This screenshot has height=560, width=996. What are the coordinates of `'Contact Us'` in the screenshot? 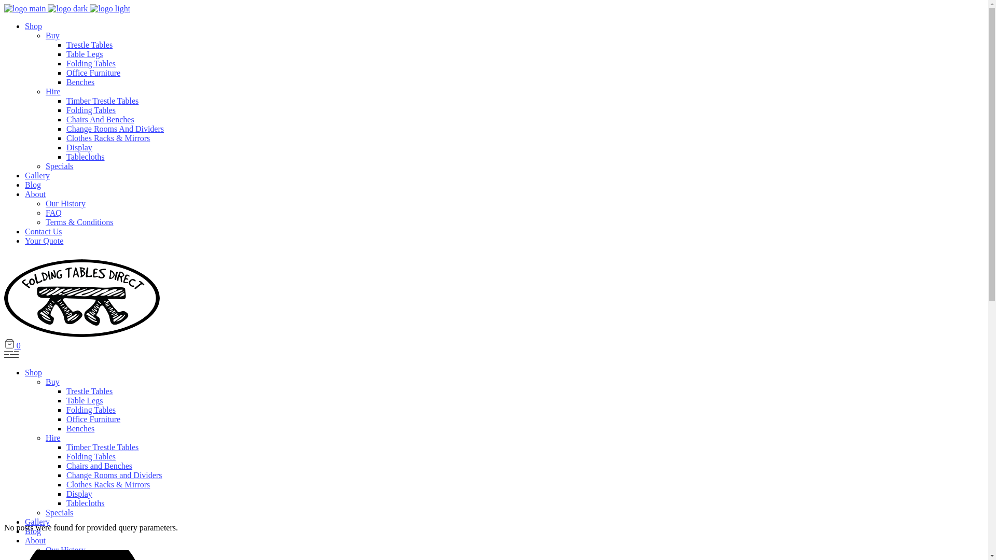 It's located at (43, 231).